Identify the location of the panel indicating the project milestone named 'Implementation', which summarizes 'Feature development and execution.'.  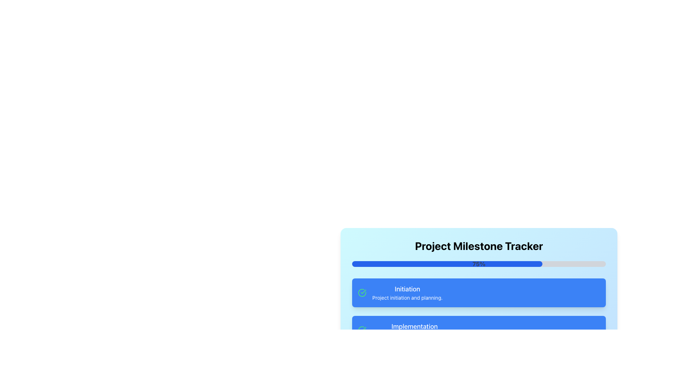
(479, 330).